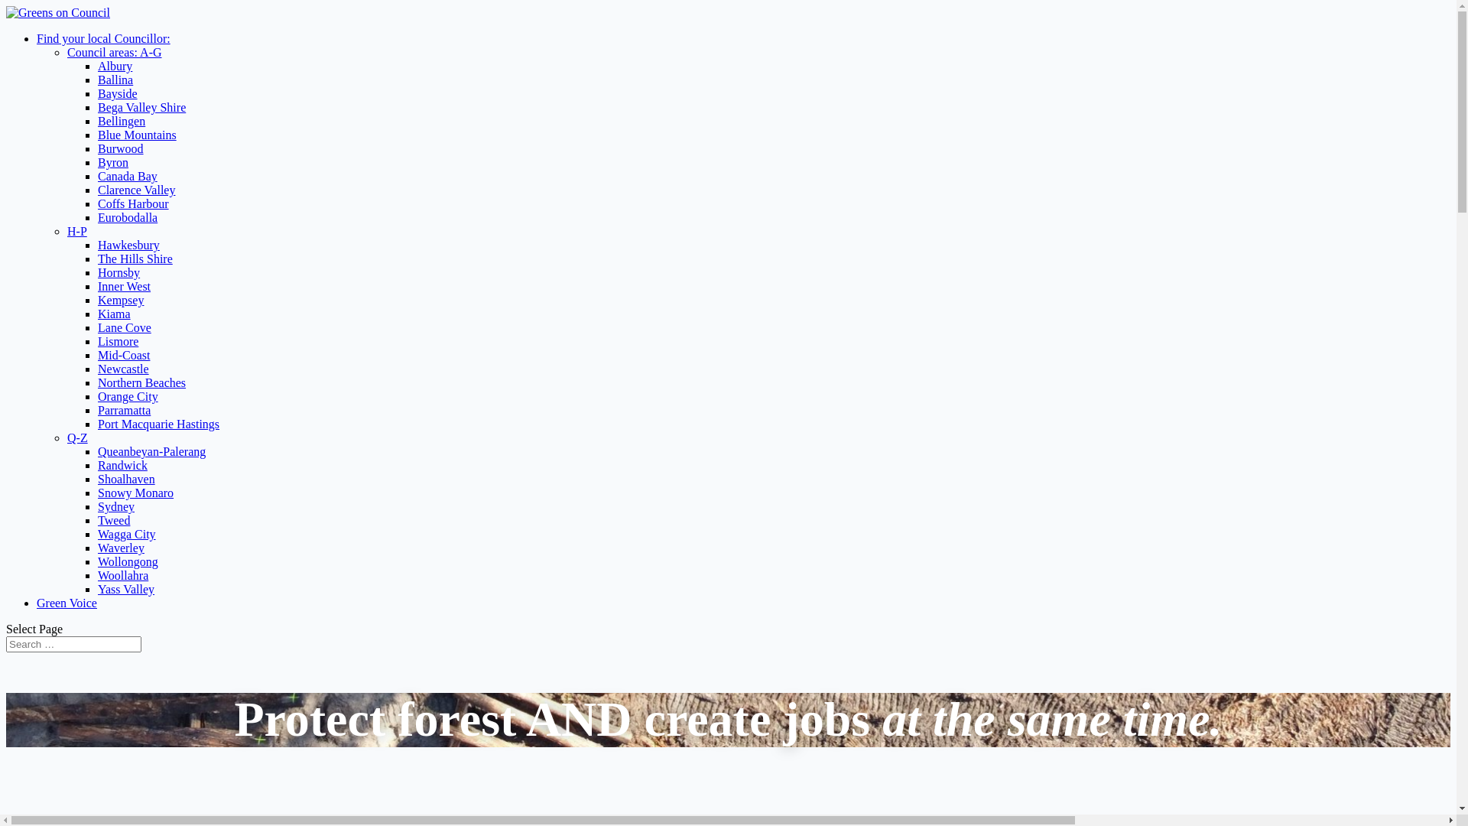  Describe the element at coordinates (113, 313) in the screenshot. I see `'Kiama'` at that location.